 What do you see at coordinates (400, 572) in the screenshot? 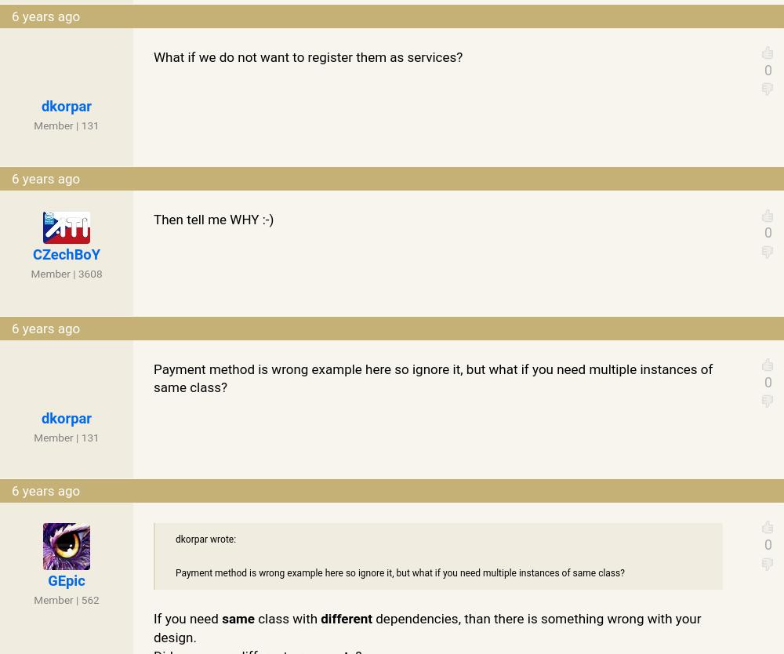
I see `'Payment method is wrong example here so ignore it, but what if you need
	multiple instances of same class?'` at bounding box center [400, 572].